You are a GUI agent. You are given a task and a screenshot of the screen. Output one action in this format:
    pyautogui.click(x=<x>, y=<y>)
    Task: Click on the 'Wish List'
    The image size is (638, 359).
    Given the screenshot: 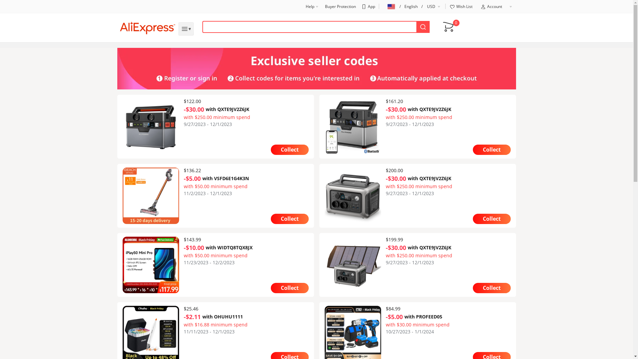 What is the action you would take?
    pyautogui.click(x=460, y=6)
    